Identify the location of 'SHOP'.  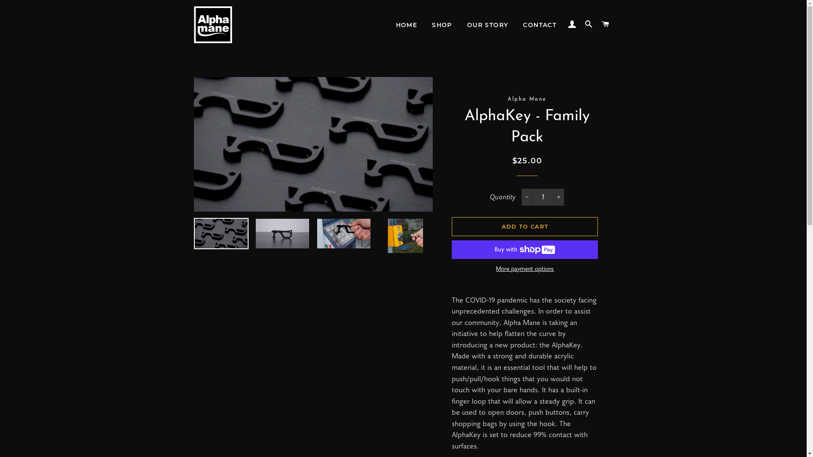
(441, 25).